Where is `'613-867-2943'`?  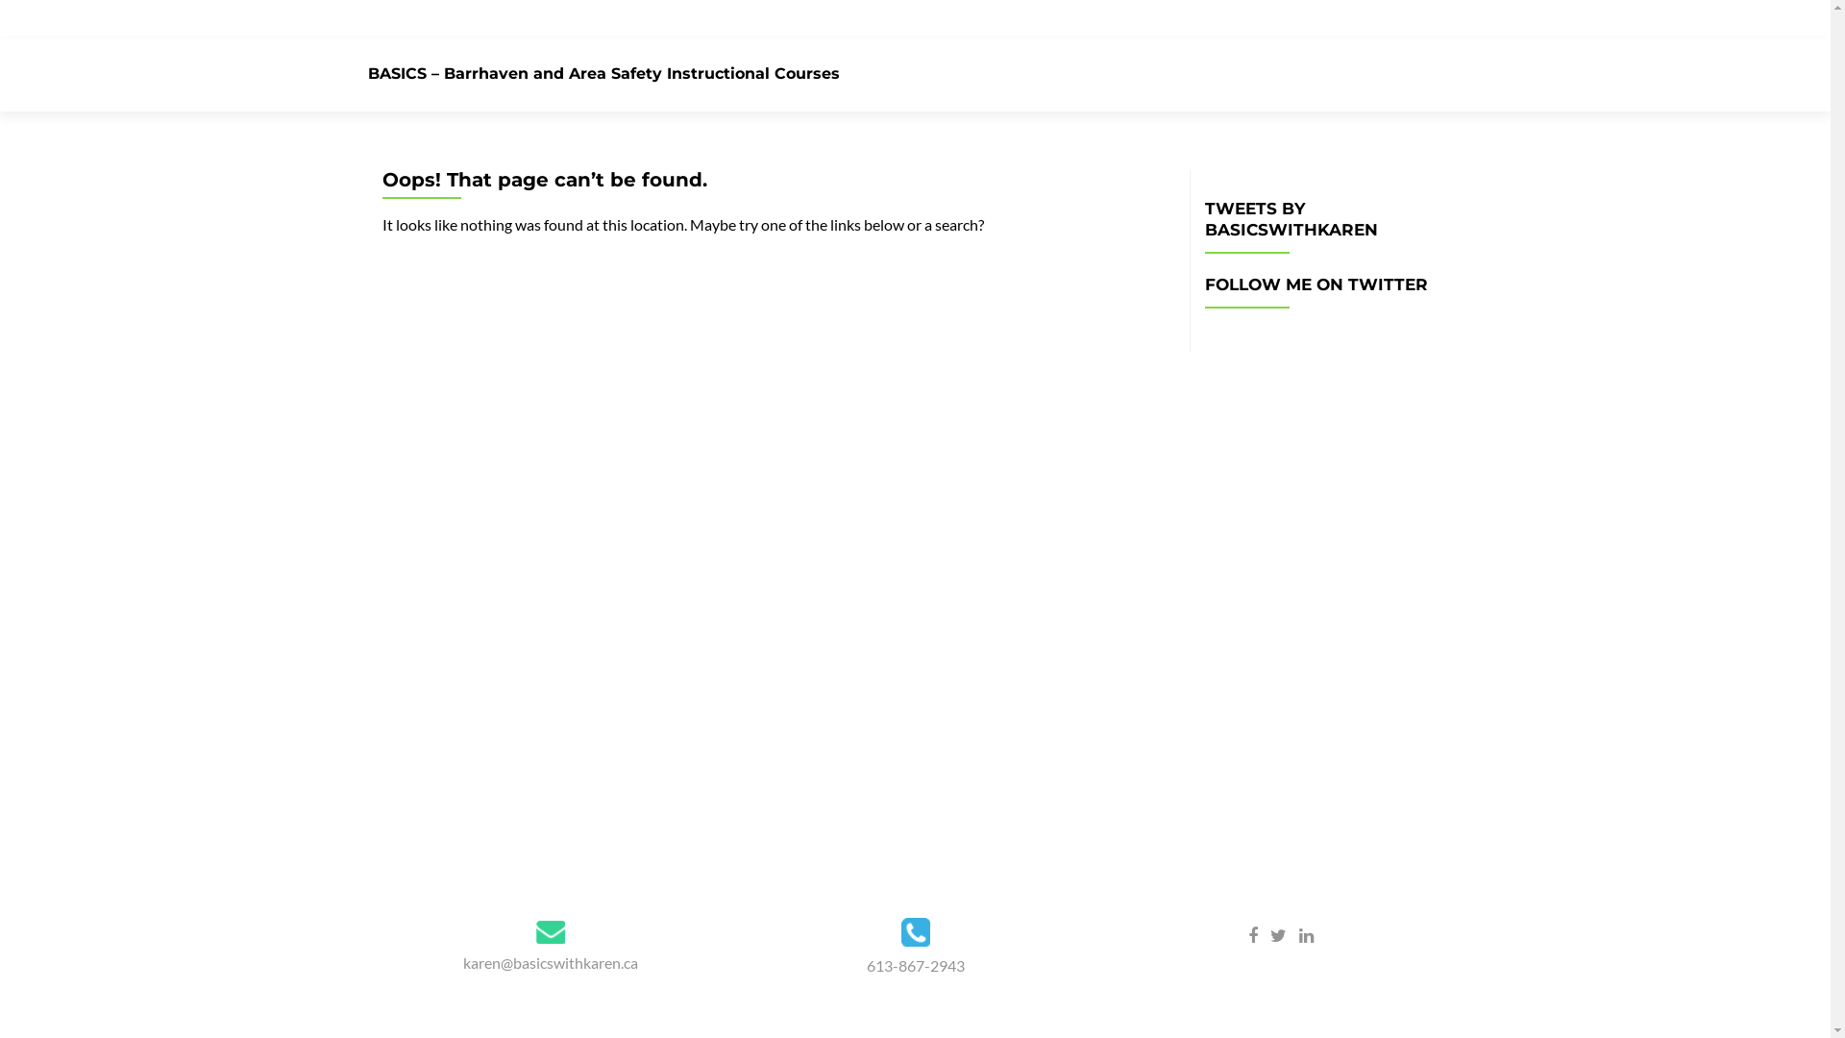 '613-867-2943' is located at coordinates (866, 964).